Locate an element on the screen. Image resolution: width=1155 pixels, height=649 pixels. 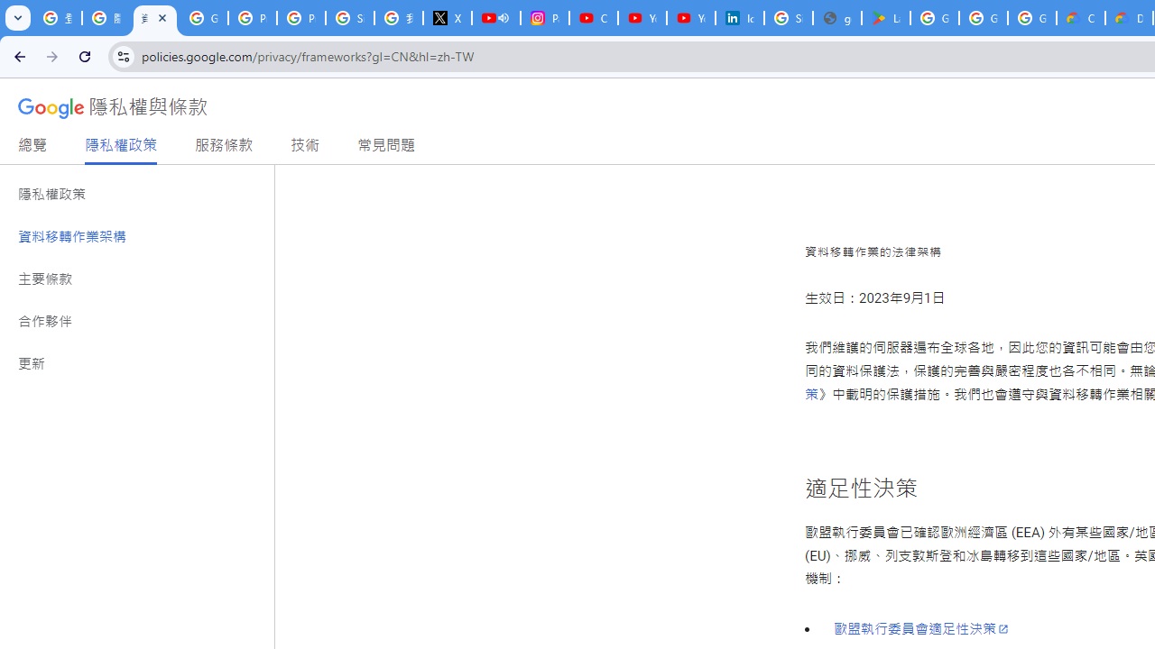
'Google Workspace - Specific Terms' is located at coordinates (1032, 18).